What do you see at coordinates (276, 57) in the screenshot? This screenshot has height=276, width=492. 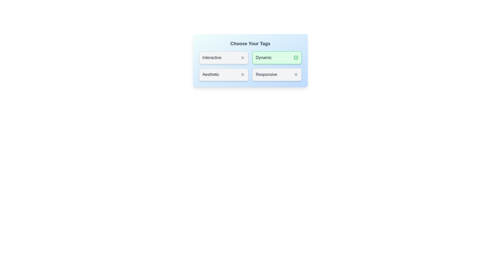 I see `the tag labeled Dynamic` at bounding box center [276, 57].